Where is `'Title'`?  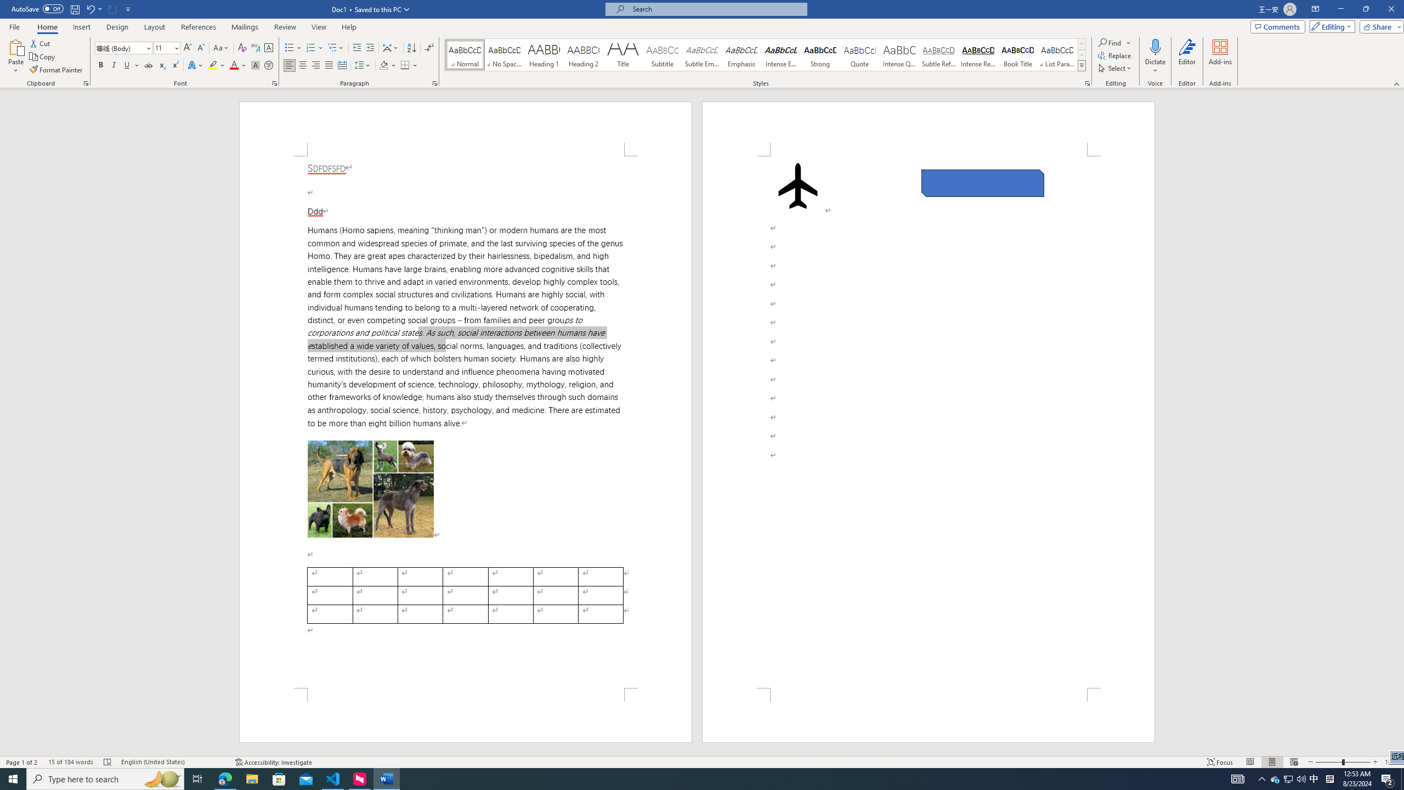 'Title' is located at coordinates (623, 54).